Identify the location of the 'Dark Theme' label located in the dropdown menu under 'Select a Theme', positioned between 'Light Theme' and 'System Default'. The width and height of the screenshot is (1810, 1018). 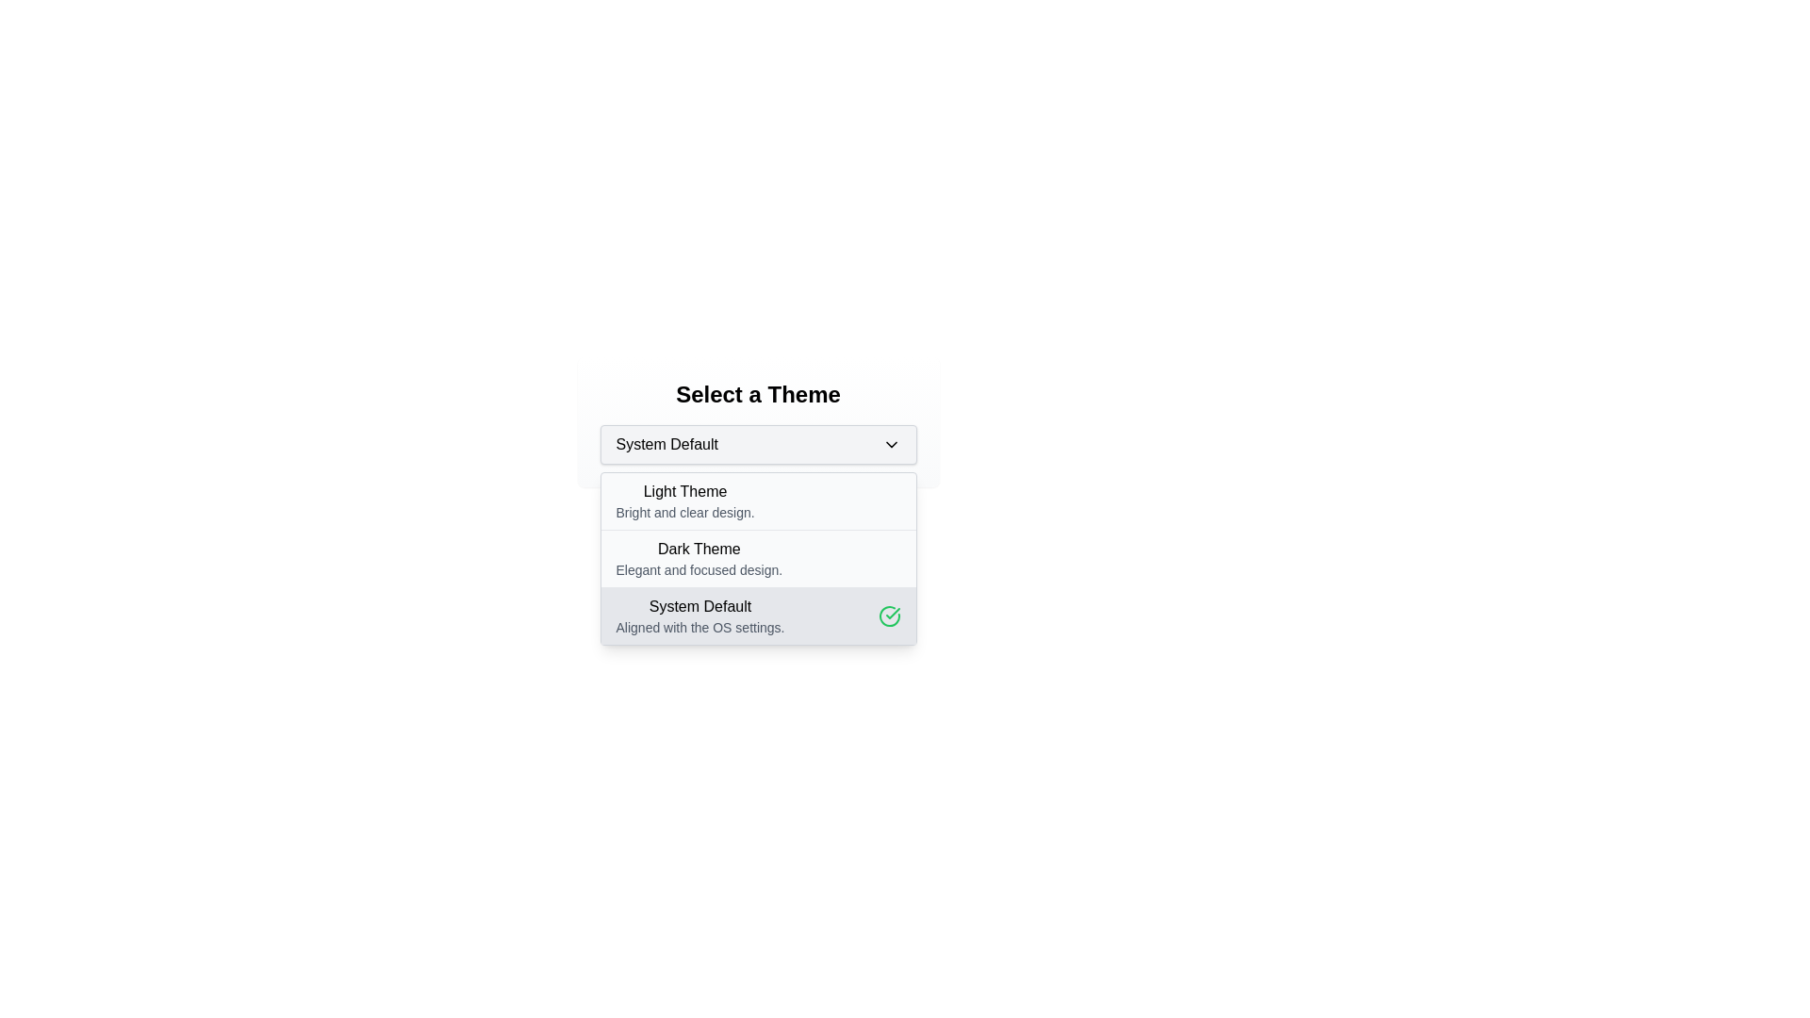
(698, 549).